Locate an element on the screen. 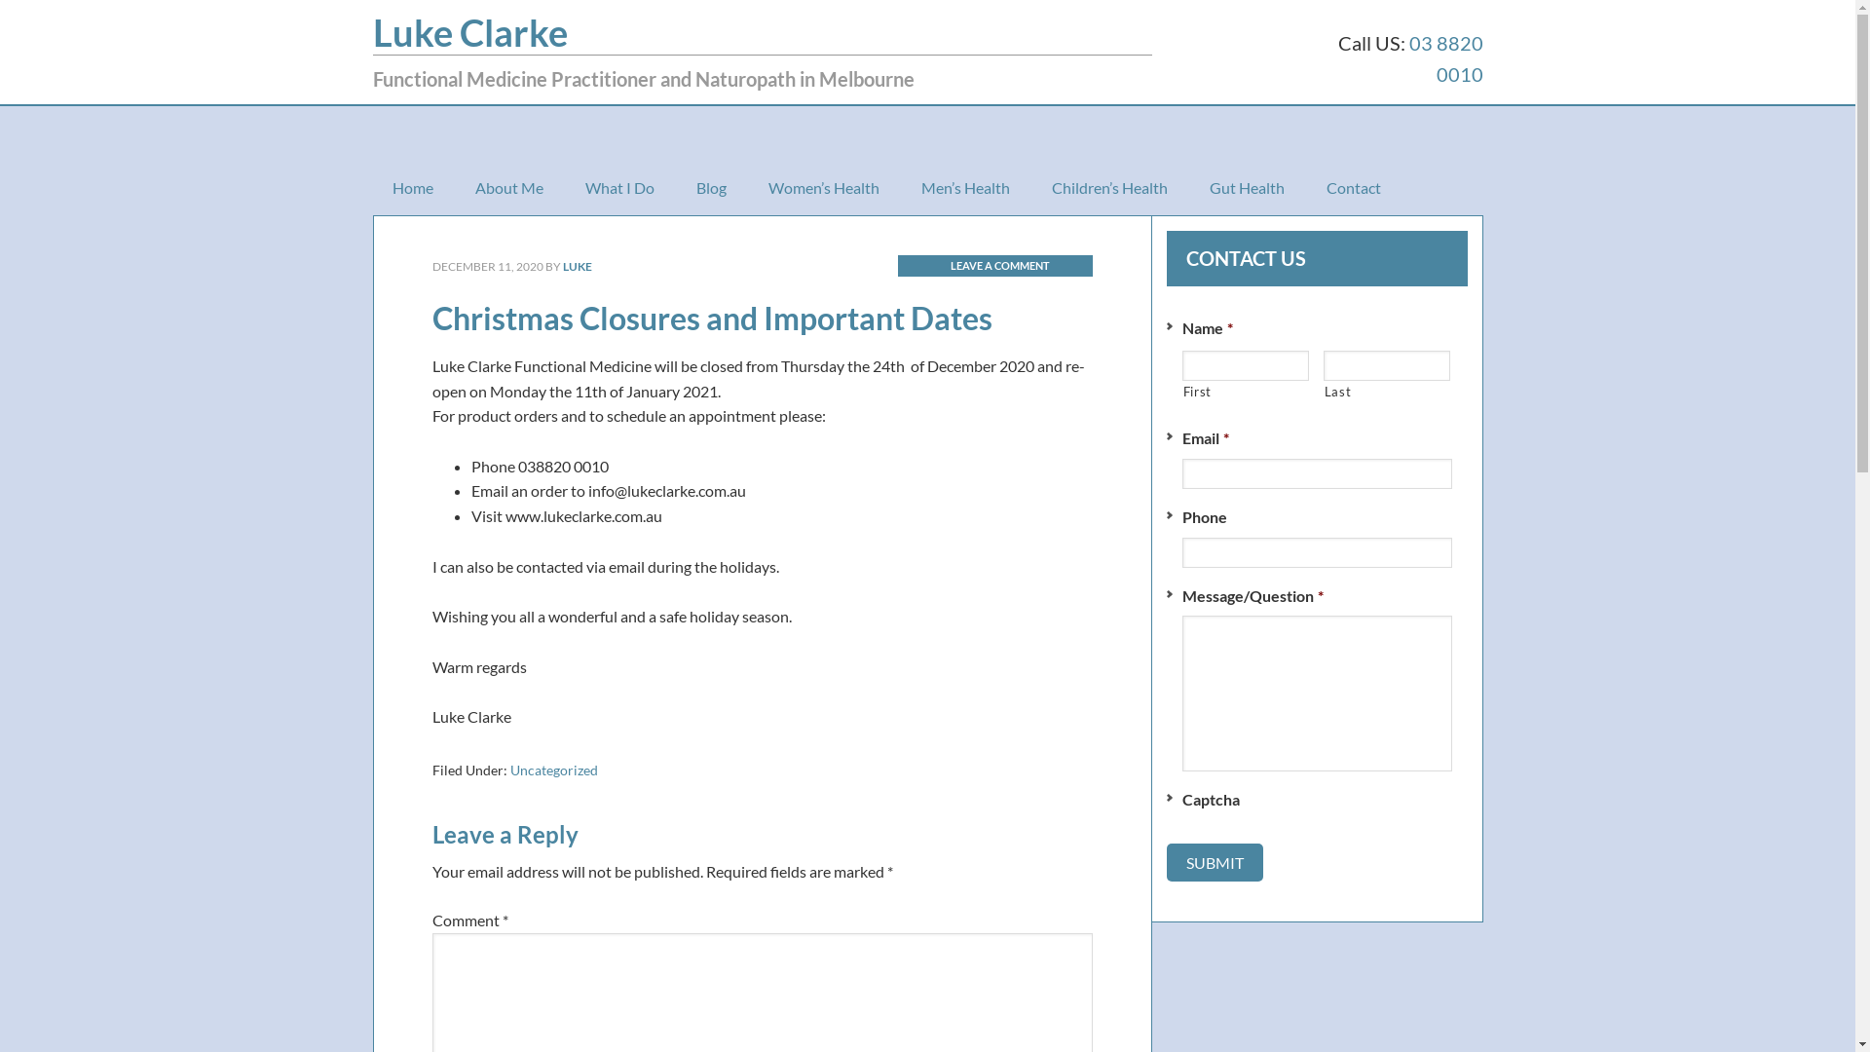 This screenshot has width=1870, height=1052. 'Contact' is located at coordinates (1307, 187).